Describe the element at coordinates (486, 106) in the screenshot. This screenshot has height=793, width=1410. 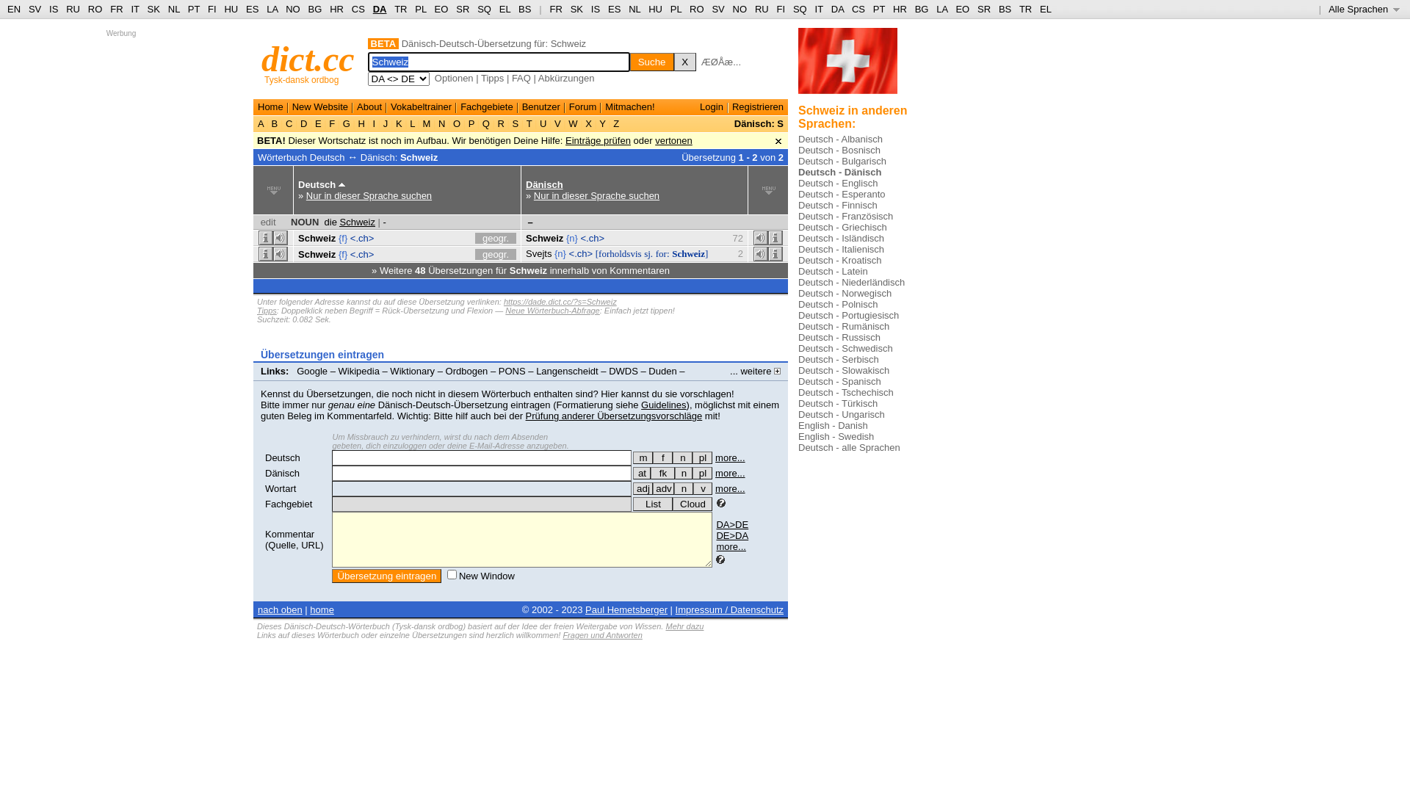
I see `'Fachgebiete'` at that location.